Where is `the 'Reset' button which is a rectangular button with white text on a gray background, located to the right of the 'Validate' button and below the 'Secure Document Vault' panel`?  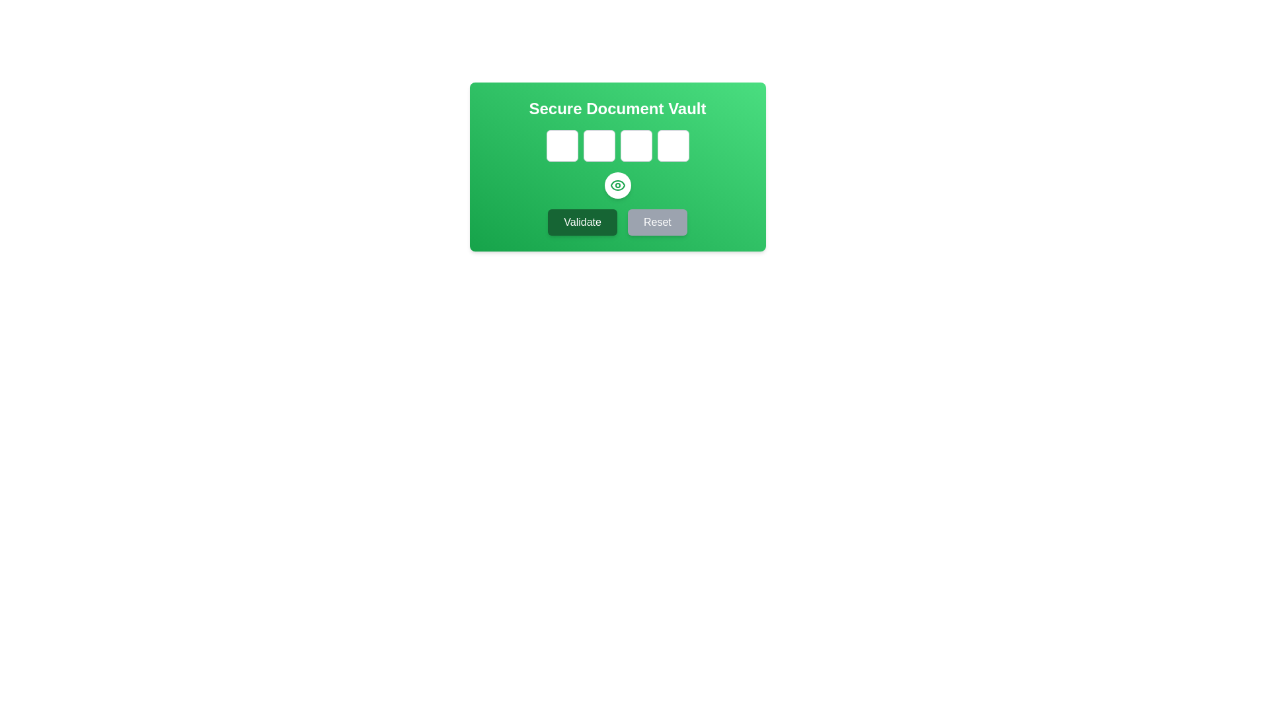 the 'Reset' button which is a rectangular button with white text on a gray background, located to the right of the 'Validate' button and below the 'Secure Document Vault' panel is located at coordinates (657, 221).